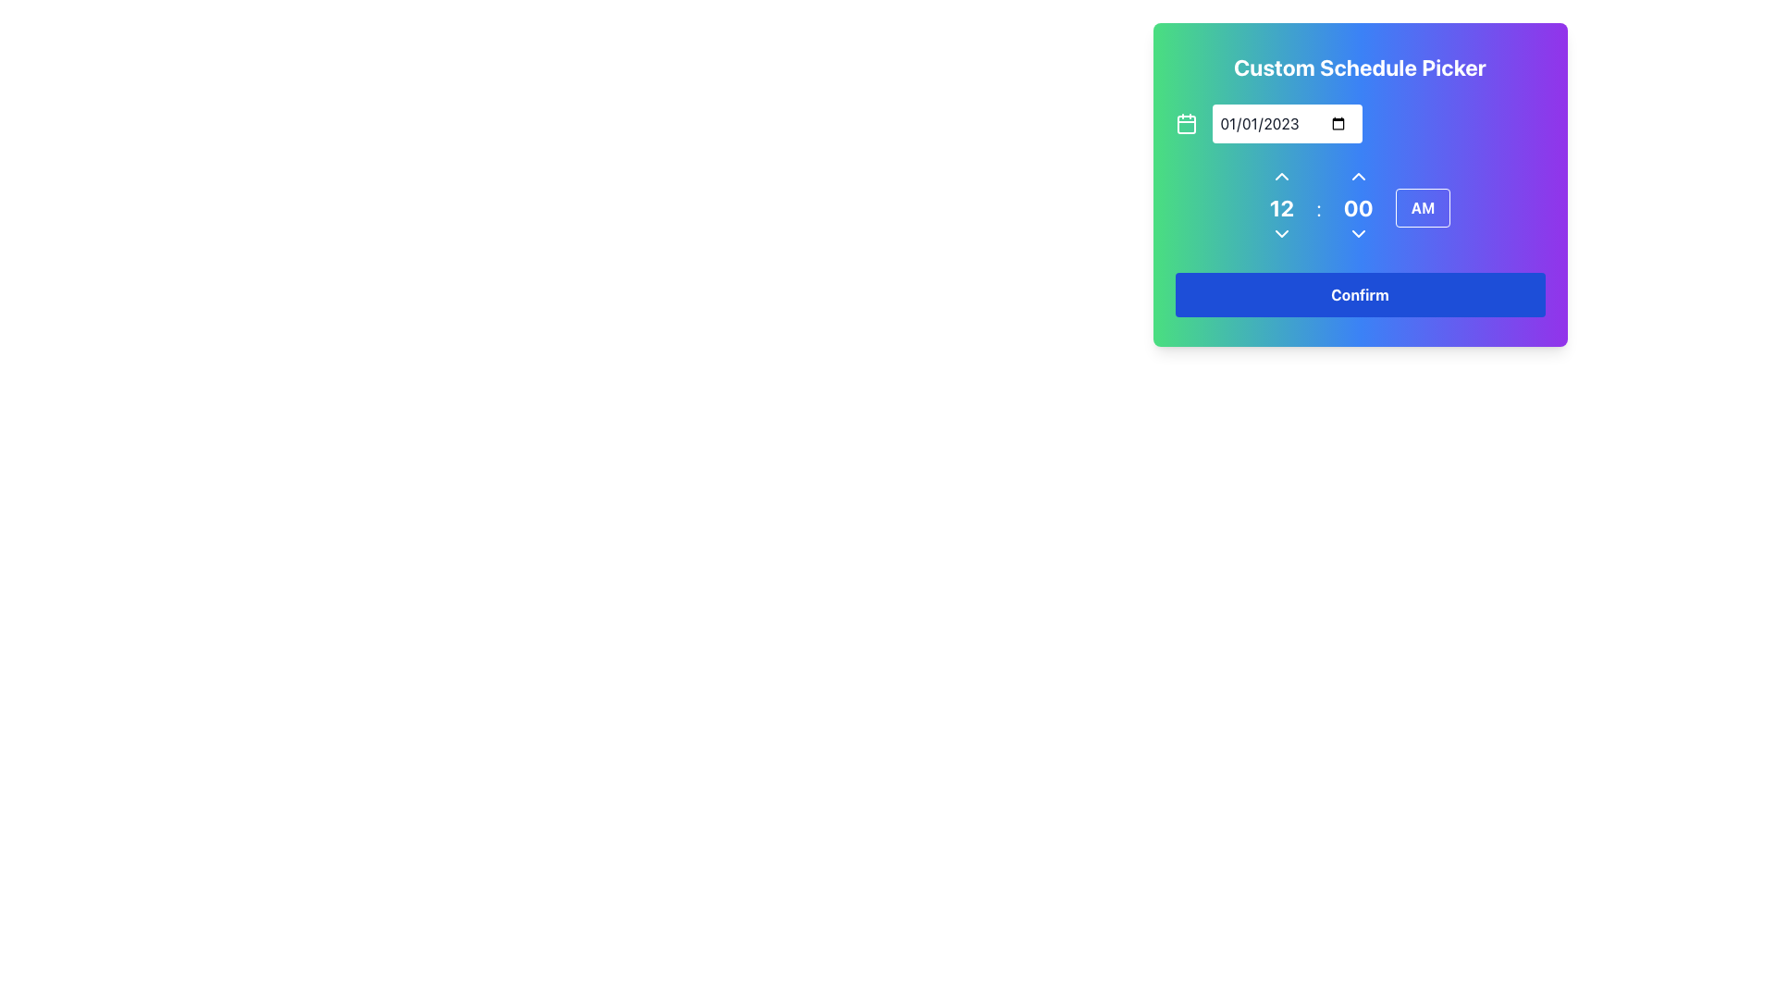 The width and height of the screenshot is (1776, 999). I want to click on the blue 'Confirm' button with rounded corners to observe the hover effect, so click(1360, 294).